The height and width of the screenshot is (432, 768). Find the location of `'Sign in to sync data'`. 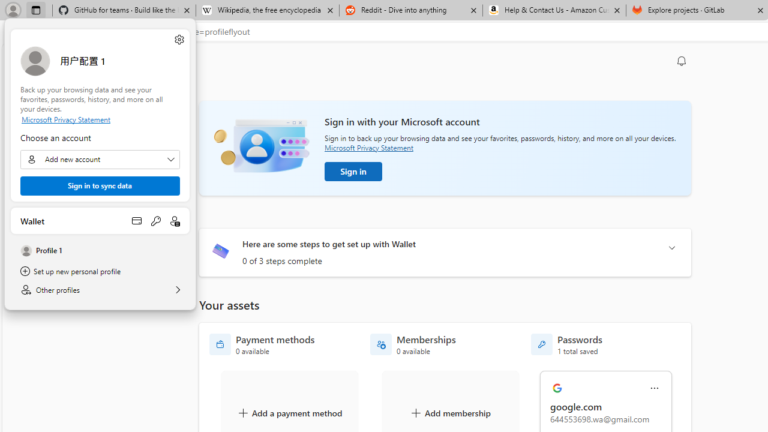

'Sign in to sync data' is located at coordinates (100, 185).